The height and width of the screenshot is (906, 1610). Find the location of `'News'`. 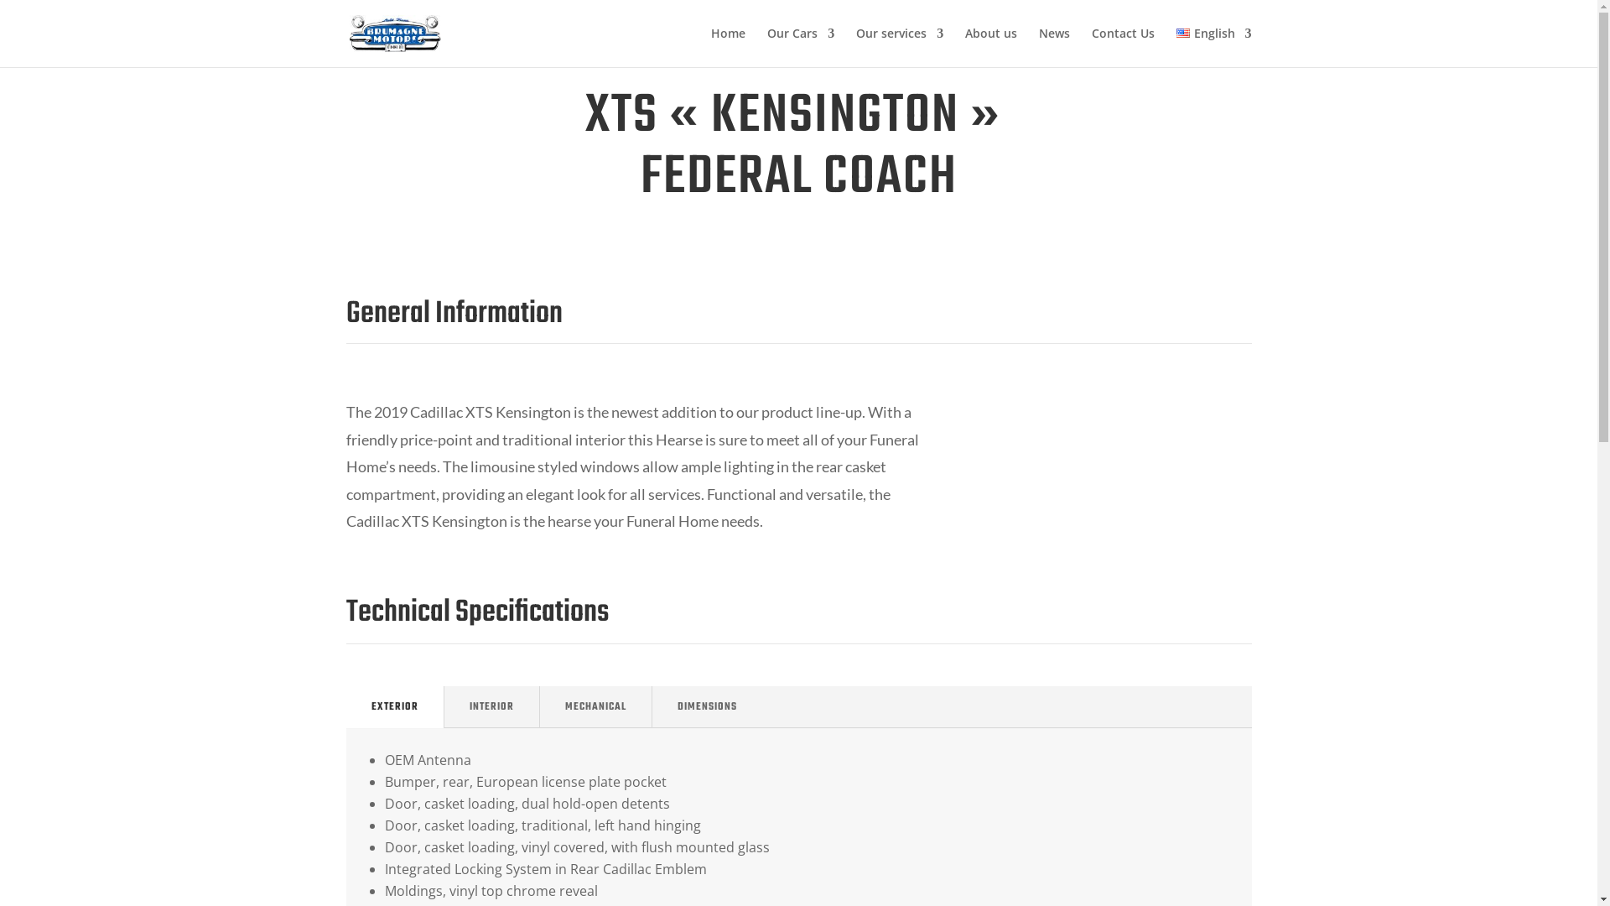

'News' is located at coordinates (1053, 46).